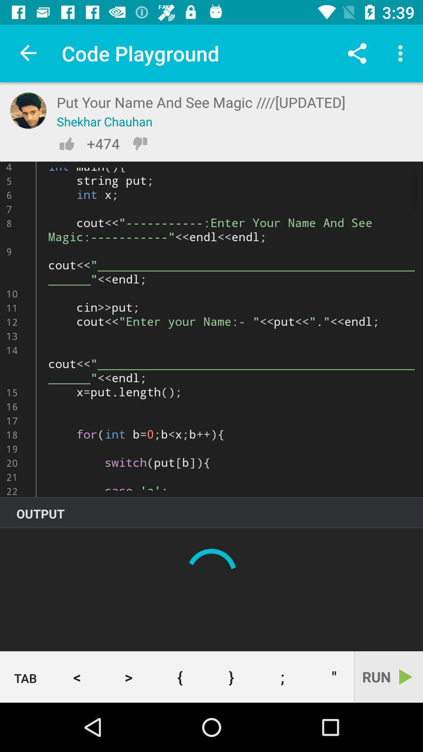  Describe the element at coordinates (139, 143) in the screenshot. I see `dislike` at that location.